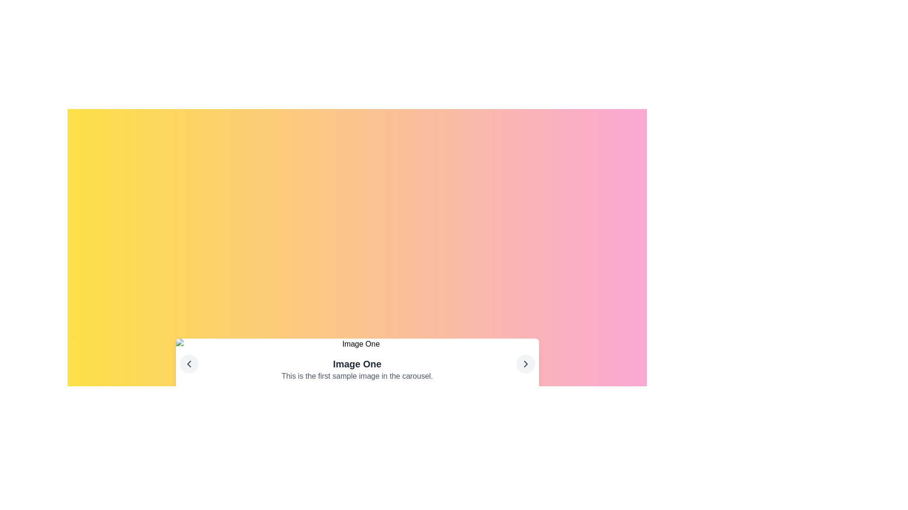 This screenshot has height=510, width=908. I want to click on the rightward-pointing arrow icon inside the circular button, so click(525, 364).